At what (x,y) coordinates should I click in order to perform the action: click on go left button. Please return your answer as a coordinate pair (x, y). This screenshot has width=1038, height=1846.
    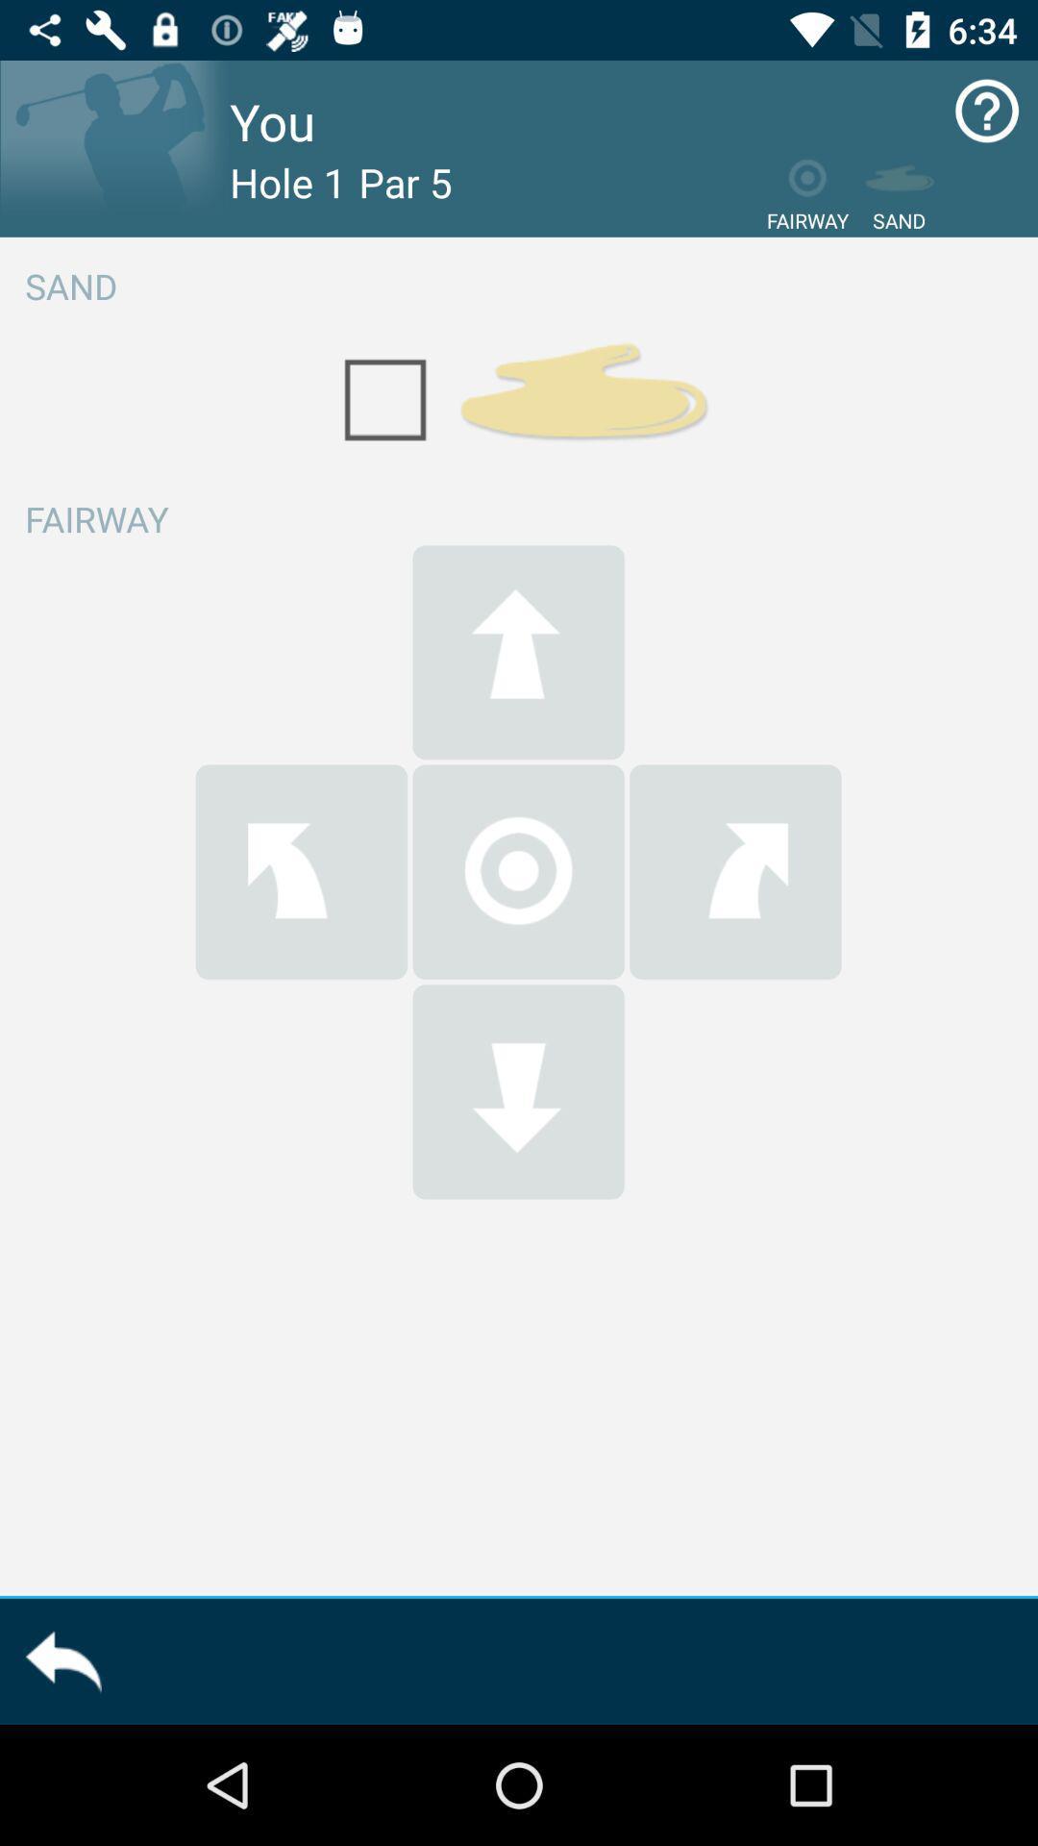
    Looking at the image, I should click on (301, 871).